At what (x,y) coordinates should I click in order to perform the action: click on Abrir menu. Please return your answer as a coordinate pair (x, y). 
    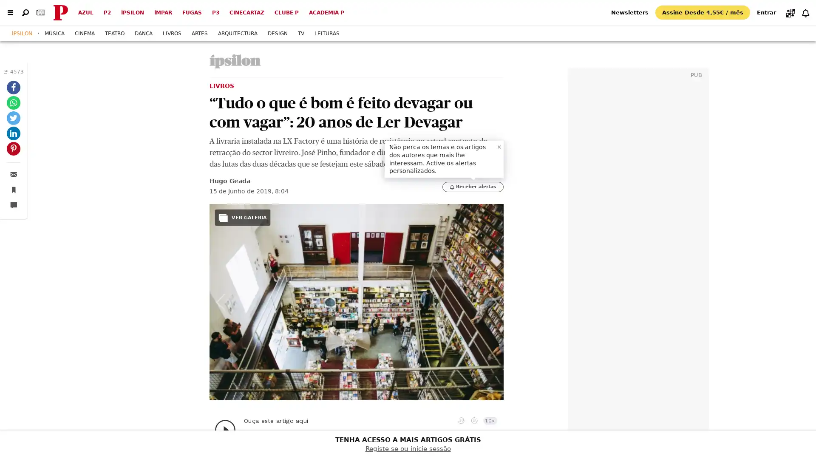
    Looking at the image, I should click on (10, 12).